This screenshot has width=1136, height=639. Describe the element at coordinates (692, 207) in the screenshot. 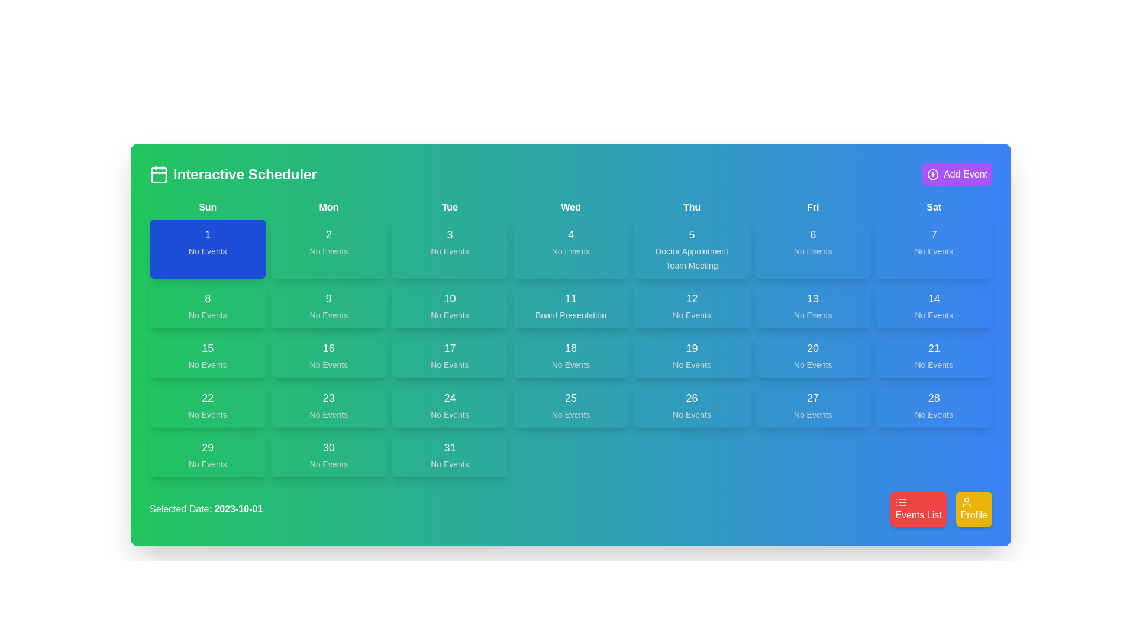

I see `the bold text label reading 'Thu' in the weekly calendar header, which is styled with a green to blue gradient background` at that location.